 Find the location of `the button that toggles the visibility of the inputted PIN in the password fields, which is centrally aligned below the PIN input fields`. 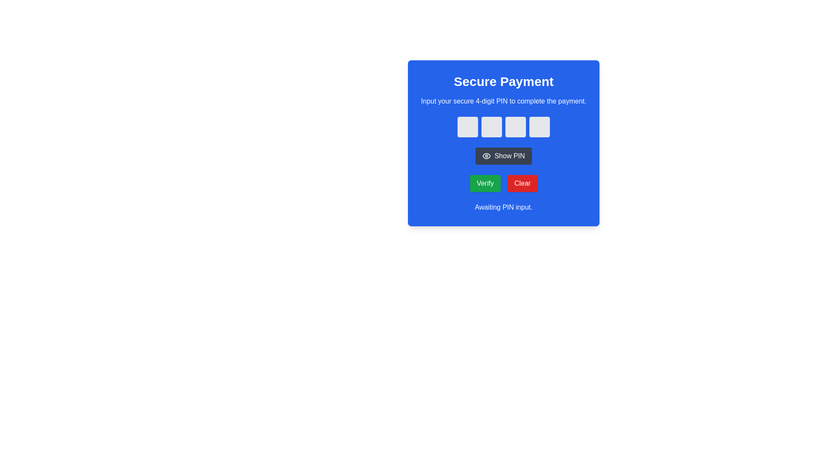

the button that toggles the visibility of the inputted PIN in the password fields, which is centrally aligned below the PIN input fields is located at coordinates (503, 156).